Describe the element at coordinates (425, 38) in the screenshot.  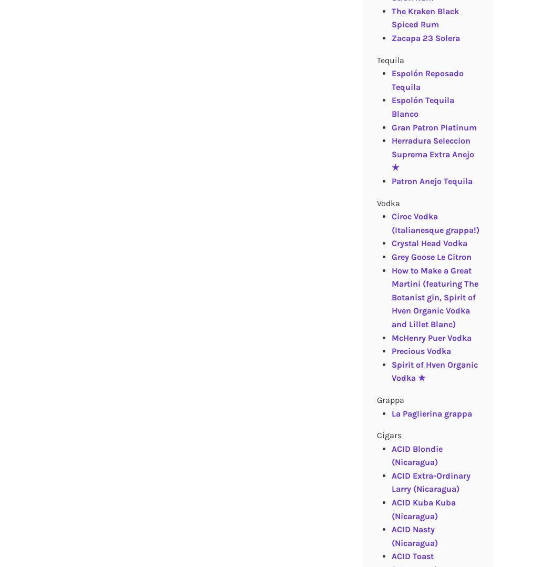
I see `'Zacapa 23 Solera'` at that location.